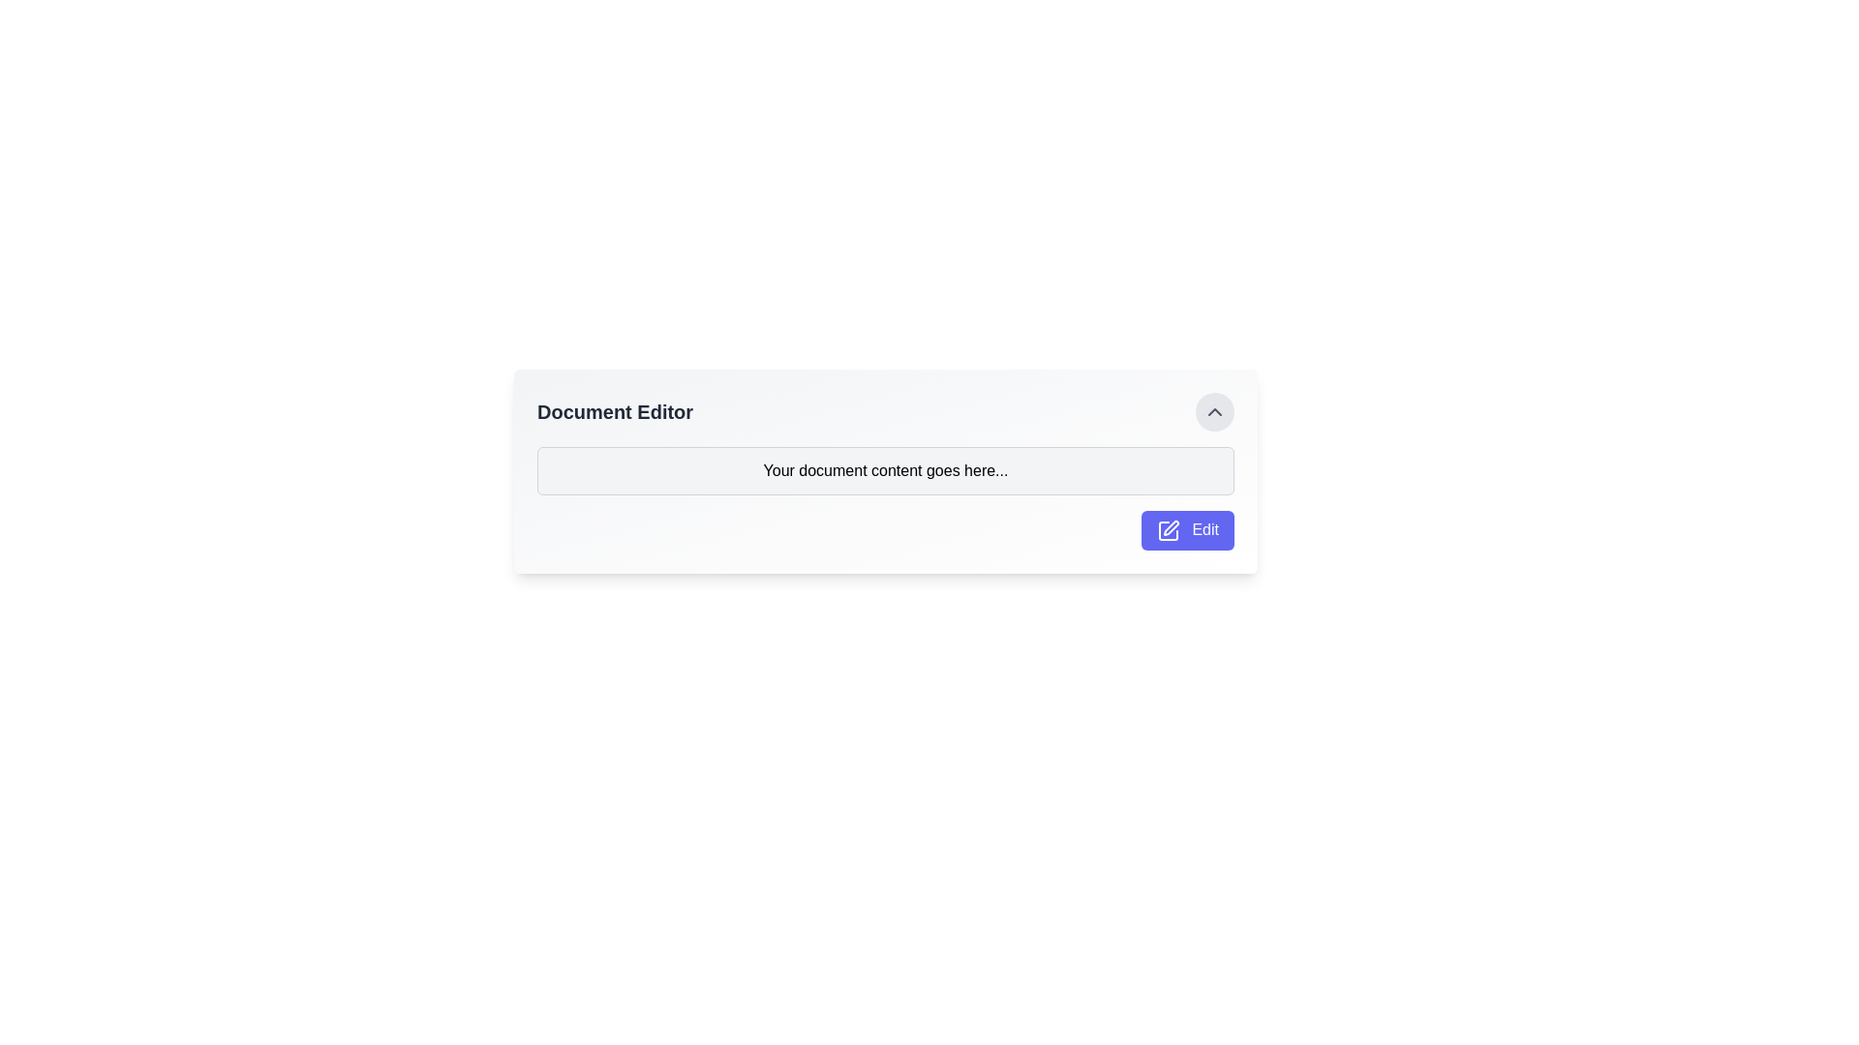  Describe the element at coordinates (1213, 410) in the screenshot. I see `the interactive button located in the top-right corner of the 'Document Editor' section` at that location.